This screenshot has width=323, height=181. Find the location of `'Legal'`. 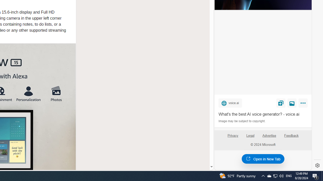

'Legal' is located at coordinates (250, 138).